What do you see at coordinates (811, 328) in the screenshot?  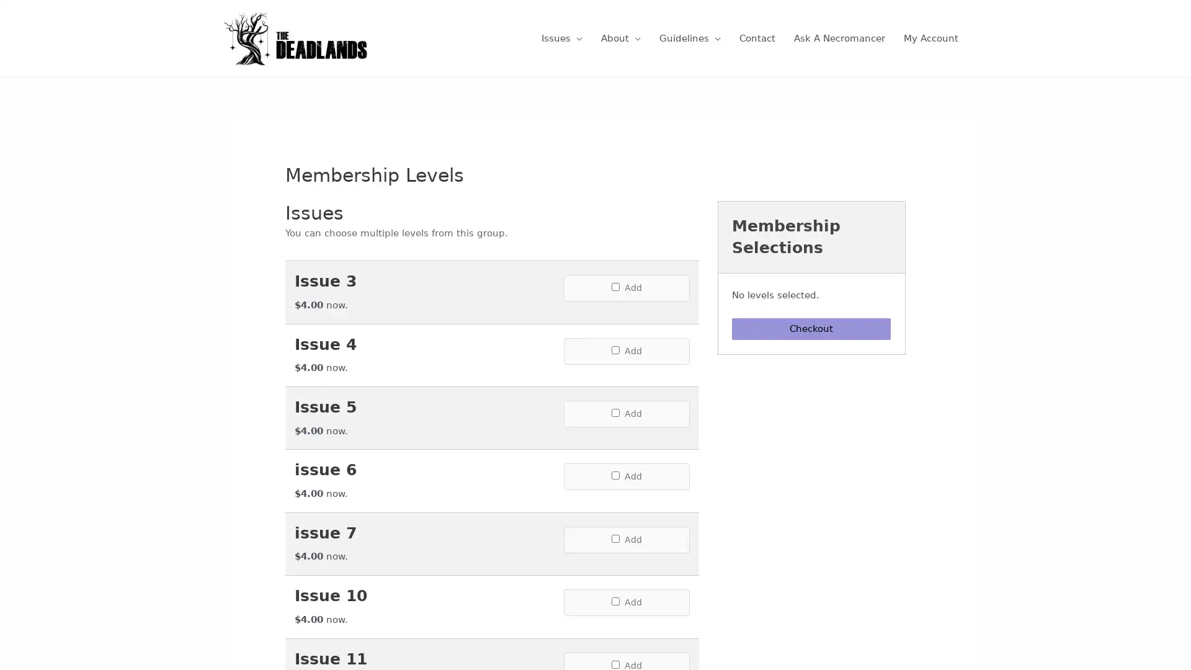 I see `Checkout` at bounding box center [811, 328].